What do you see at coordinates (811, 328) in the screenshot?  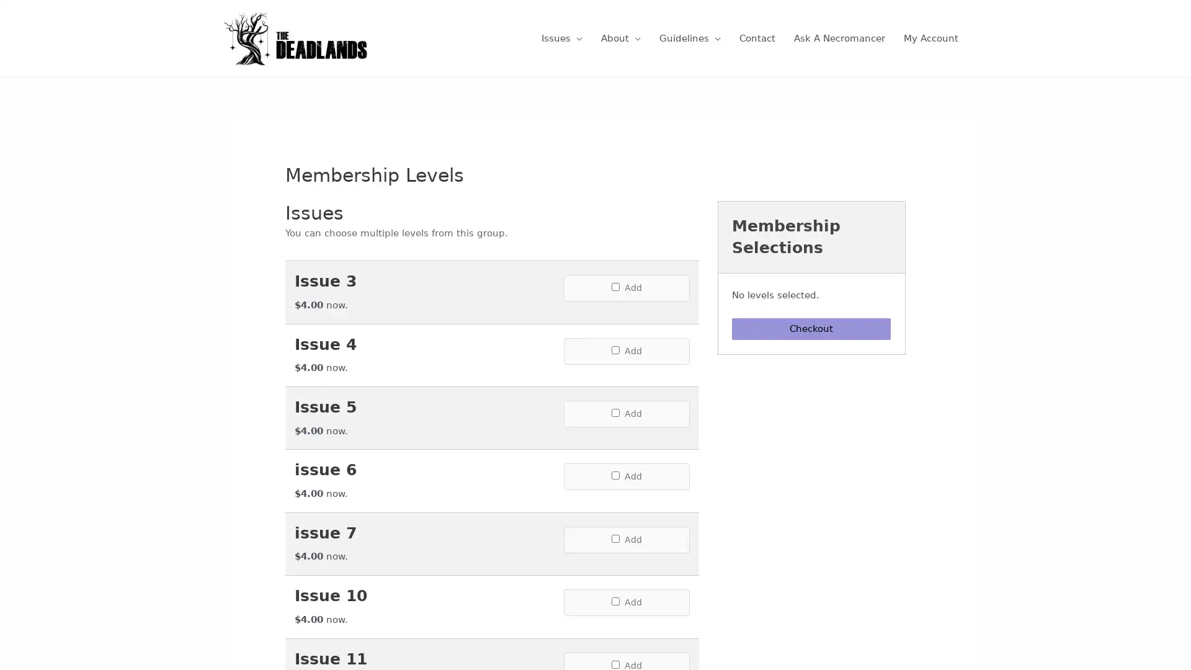 I see `Checkout` at bounding box center [811, 328].